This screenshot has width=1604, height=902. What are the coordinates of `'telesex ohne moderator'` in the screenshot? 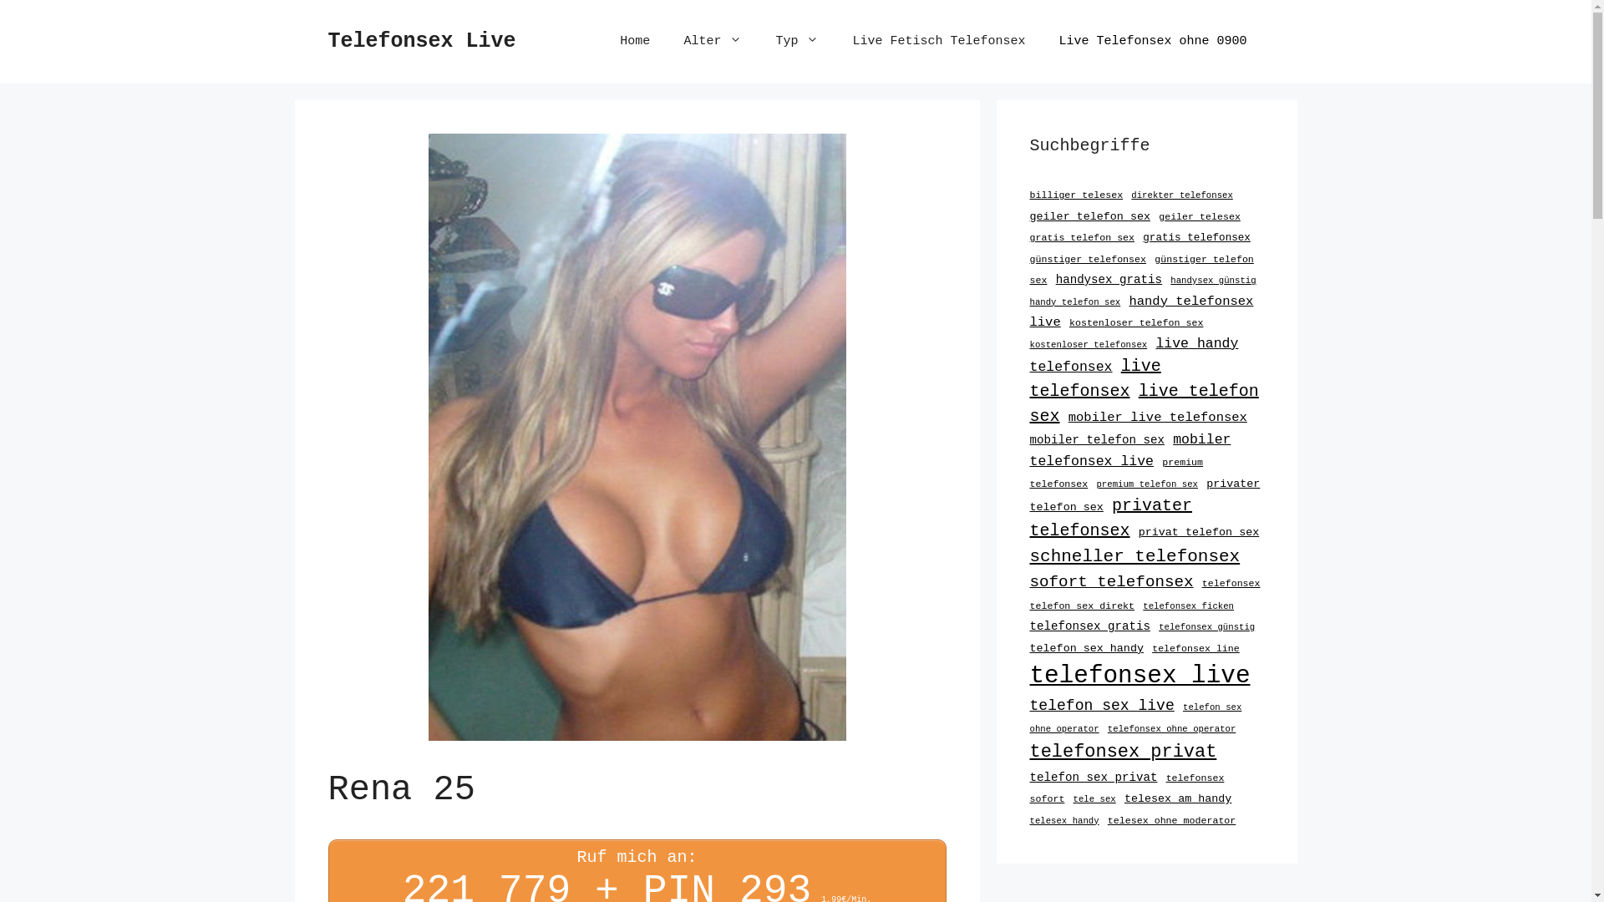 It's located at (1170, 819).